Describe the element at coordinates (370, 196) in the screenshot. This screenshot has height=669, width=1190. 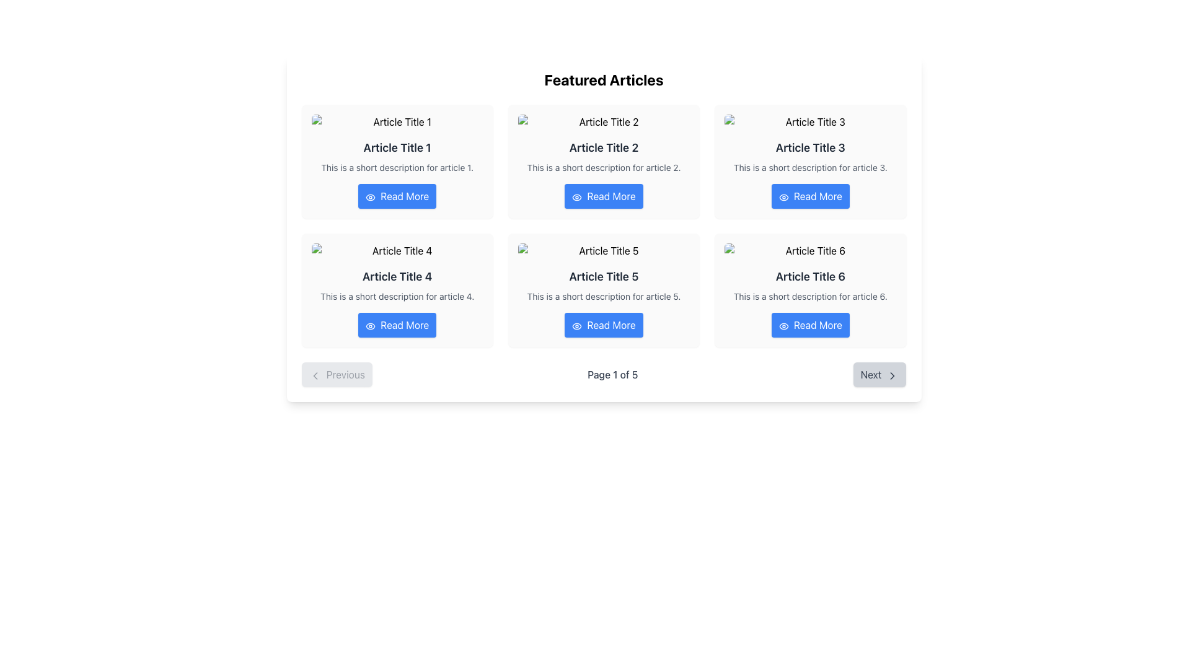
I see `the eye icon located to the left of the 'Read More' text within the button, which is styled with a blue background and white strokes` at that location.